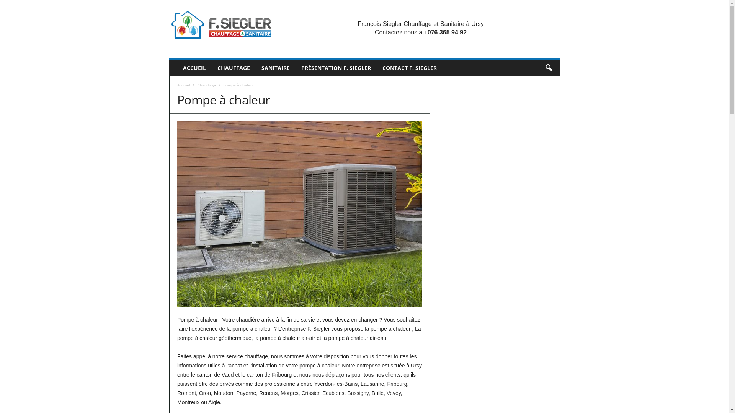 This screenshot has width=735, height=413. I want to click on 'Accueil', so click(184, 85).